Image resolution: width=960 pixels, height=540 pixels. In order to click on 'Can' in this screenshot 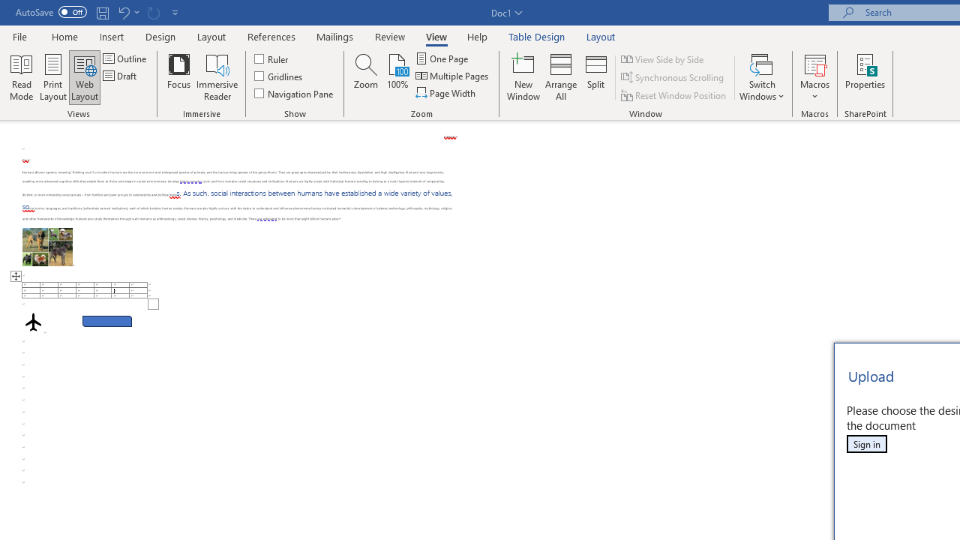, I will do `click(153, 12)`.